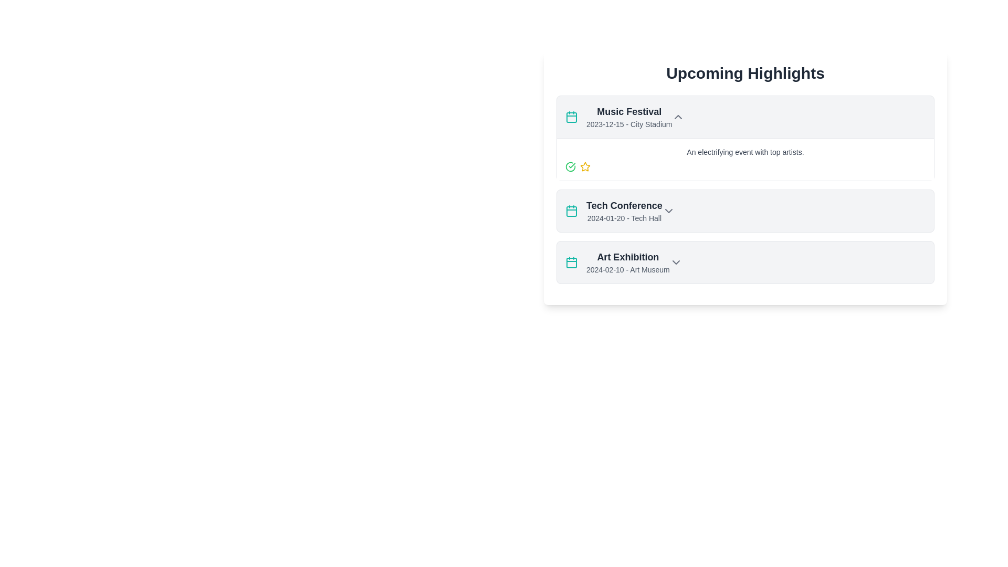 Image resolution: width=1008 pixels, height=567 pixels. Describe the element at coordinates (617, 262) in the screenshot. I see `the list item with the title 'Art Exhibition' and date '2024-02-10 - Art Museum' in the Upcoming Highlights section to interact further` at that location.